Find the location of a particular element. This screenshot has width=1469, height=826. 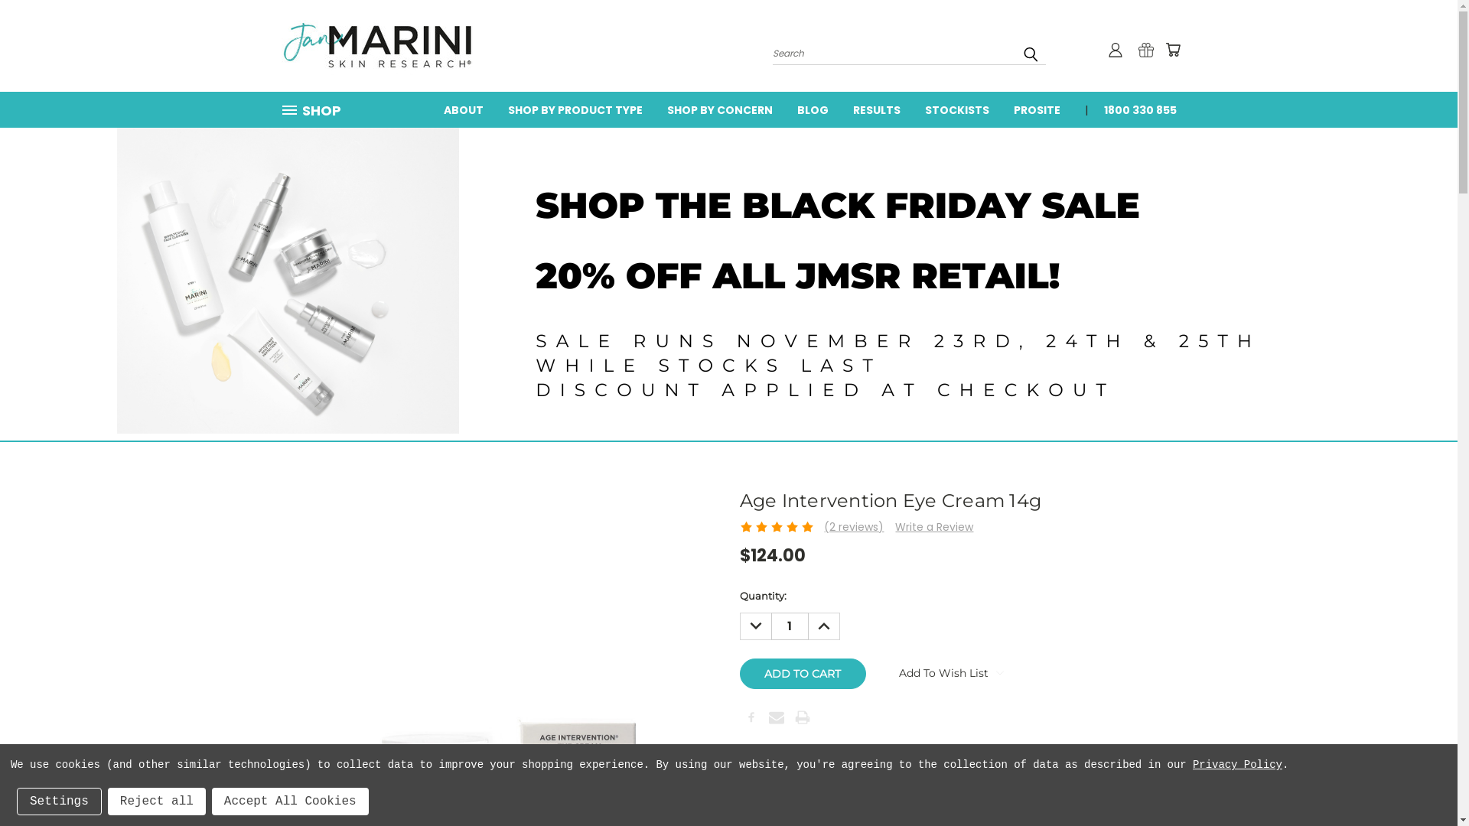

'PROSITE' is located at coordinates (1036, 108).